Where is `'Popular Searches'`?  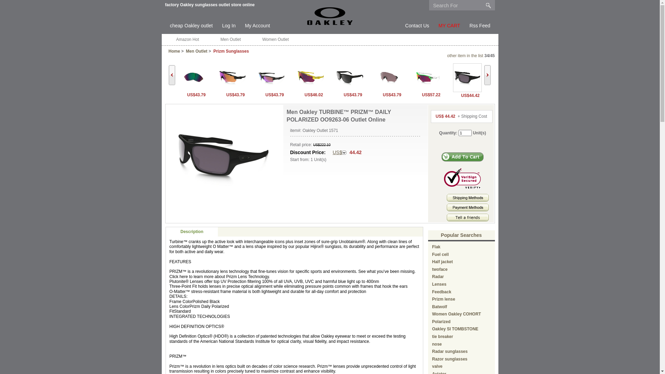 'Popular Searches' is located at coordinates (440, 234).